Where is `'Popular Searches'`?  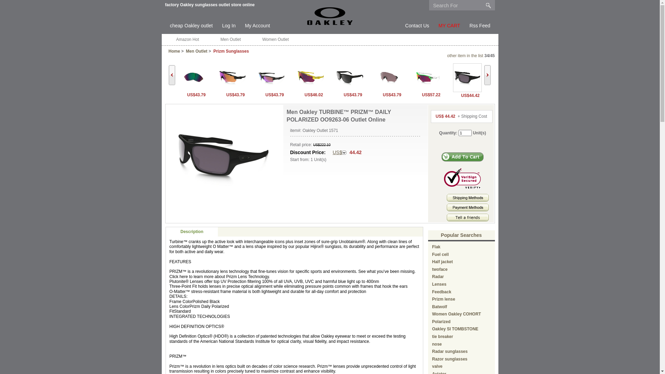 'Popular Searches' is located at coordinates (440, 234).